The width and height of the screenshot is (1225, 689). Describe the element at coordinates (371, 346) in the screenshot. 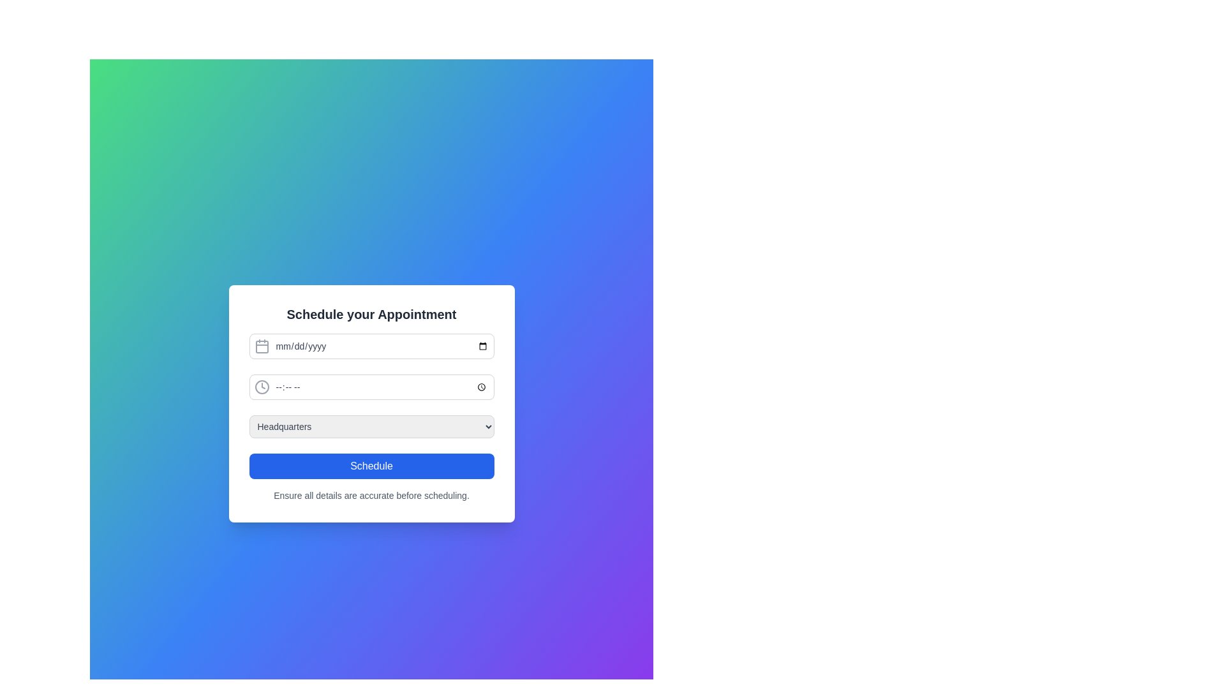

I see `a date from the date input field, which is the first input field in the form section, located above the time input field and the location selector` at that location.